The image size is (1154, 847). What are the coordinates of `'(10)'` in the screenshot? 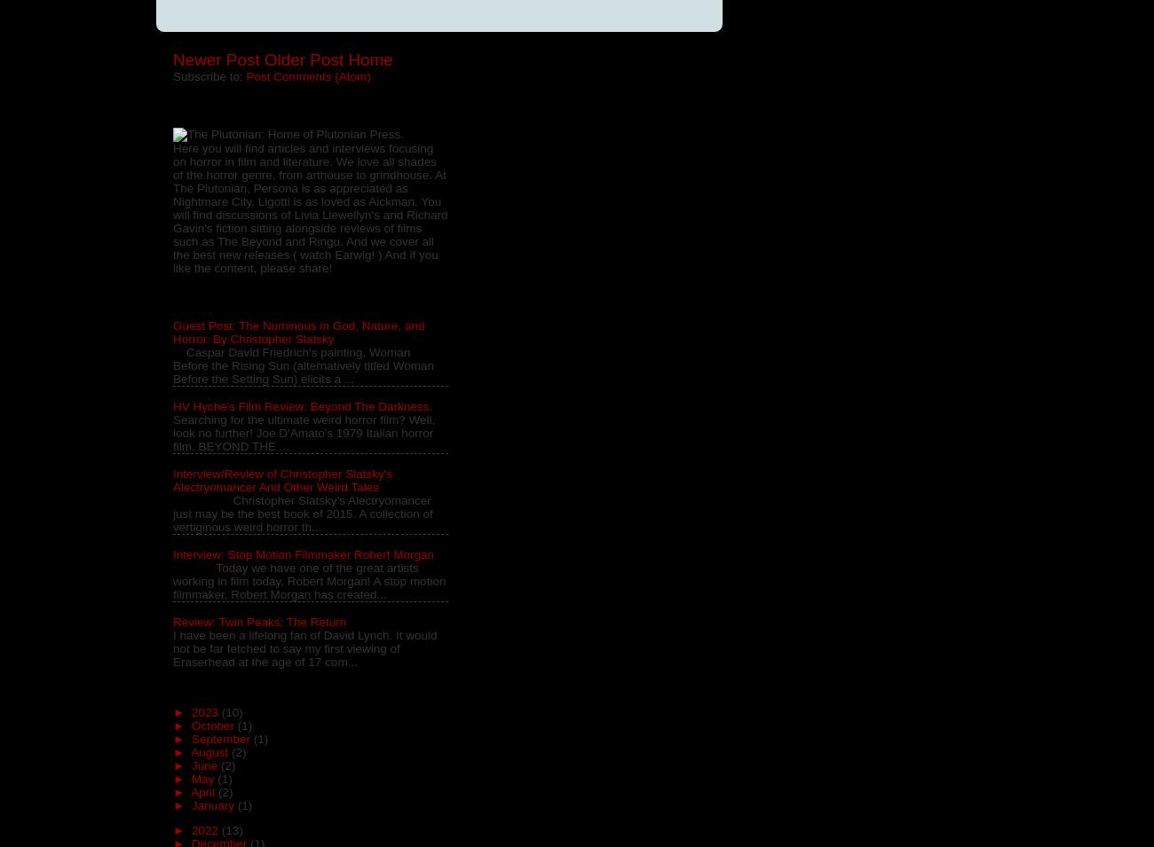 It's located at (231, 711).